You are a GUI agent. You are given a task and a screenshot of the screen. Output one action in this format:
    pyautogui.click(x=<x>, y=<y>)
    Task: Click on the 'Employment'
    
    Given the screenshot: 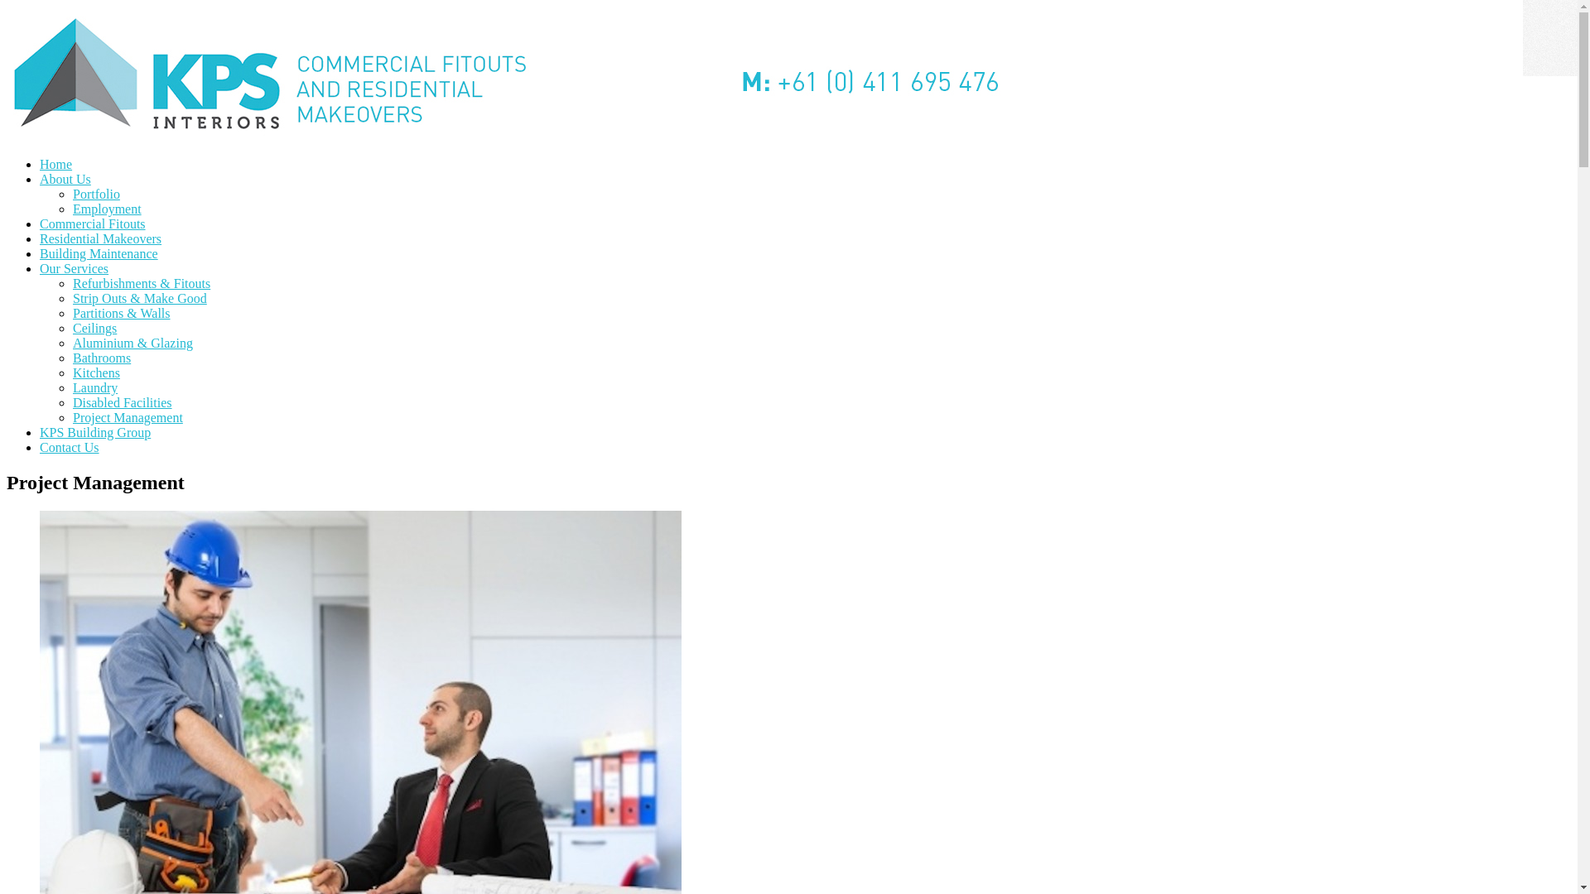 What is the action you would take?
    pyautogui.click(x=106, y=208)
    